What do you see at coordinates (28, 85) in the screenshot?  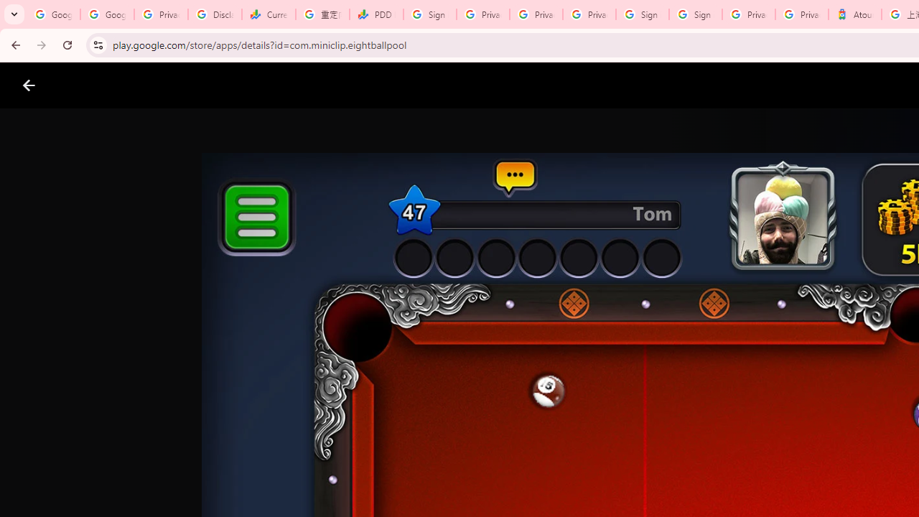 I see `'Close screenshot viewer'` at bounding box center [28, 85].